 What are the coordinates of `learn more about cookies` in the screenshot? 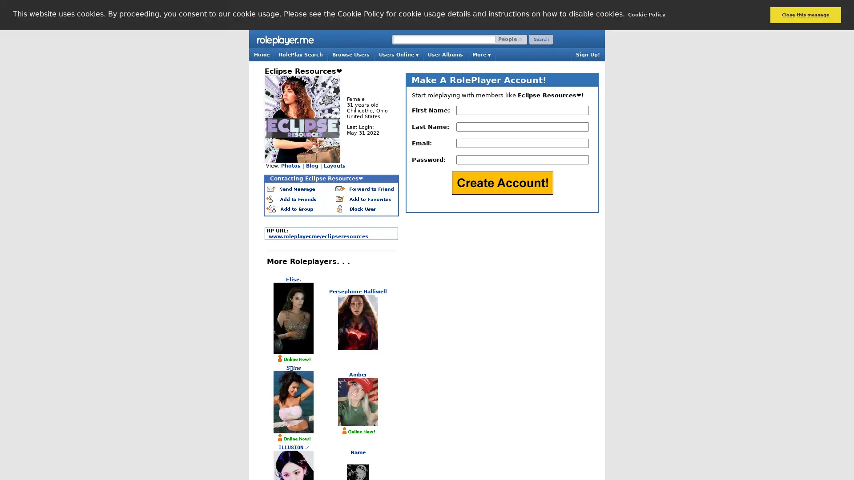 It's located at (646, 15).